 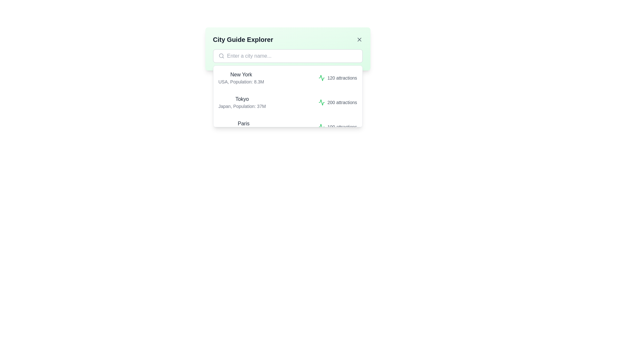 I want to click on information displayed in the textual element showing 'TokyoJapan, Population: 37M' in the modal titled 'City Guide Explorer', so click(x=242, y=102).